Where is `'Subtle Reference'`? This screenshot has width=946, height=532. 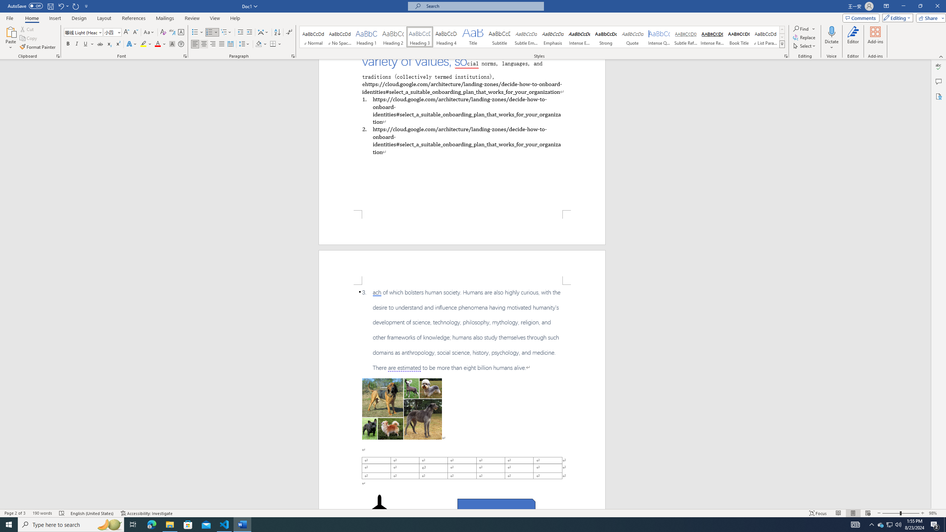 'Subtle Reference' is located at coordinates (685, 37).